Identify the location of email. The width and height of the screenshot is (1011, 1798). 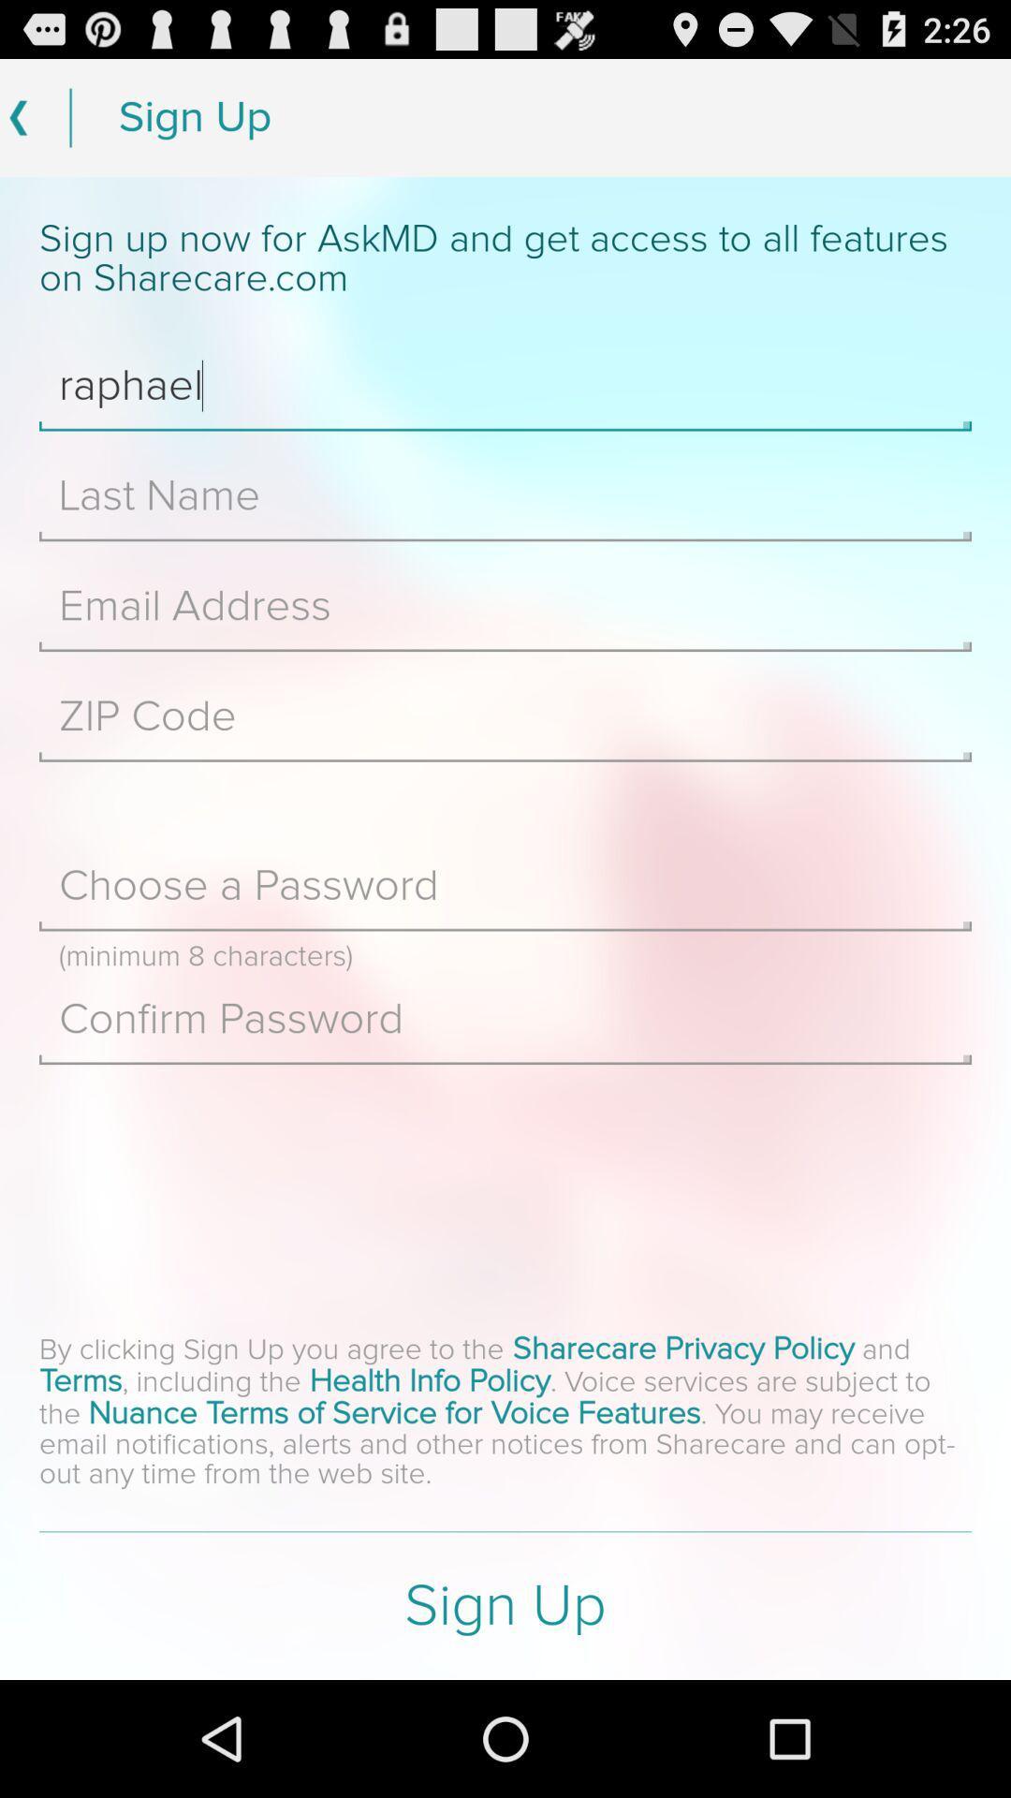
(505, 606).